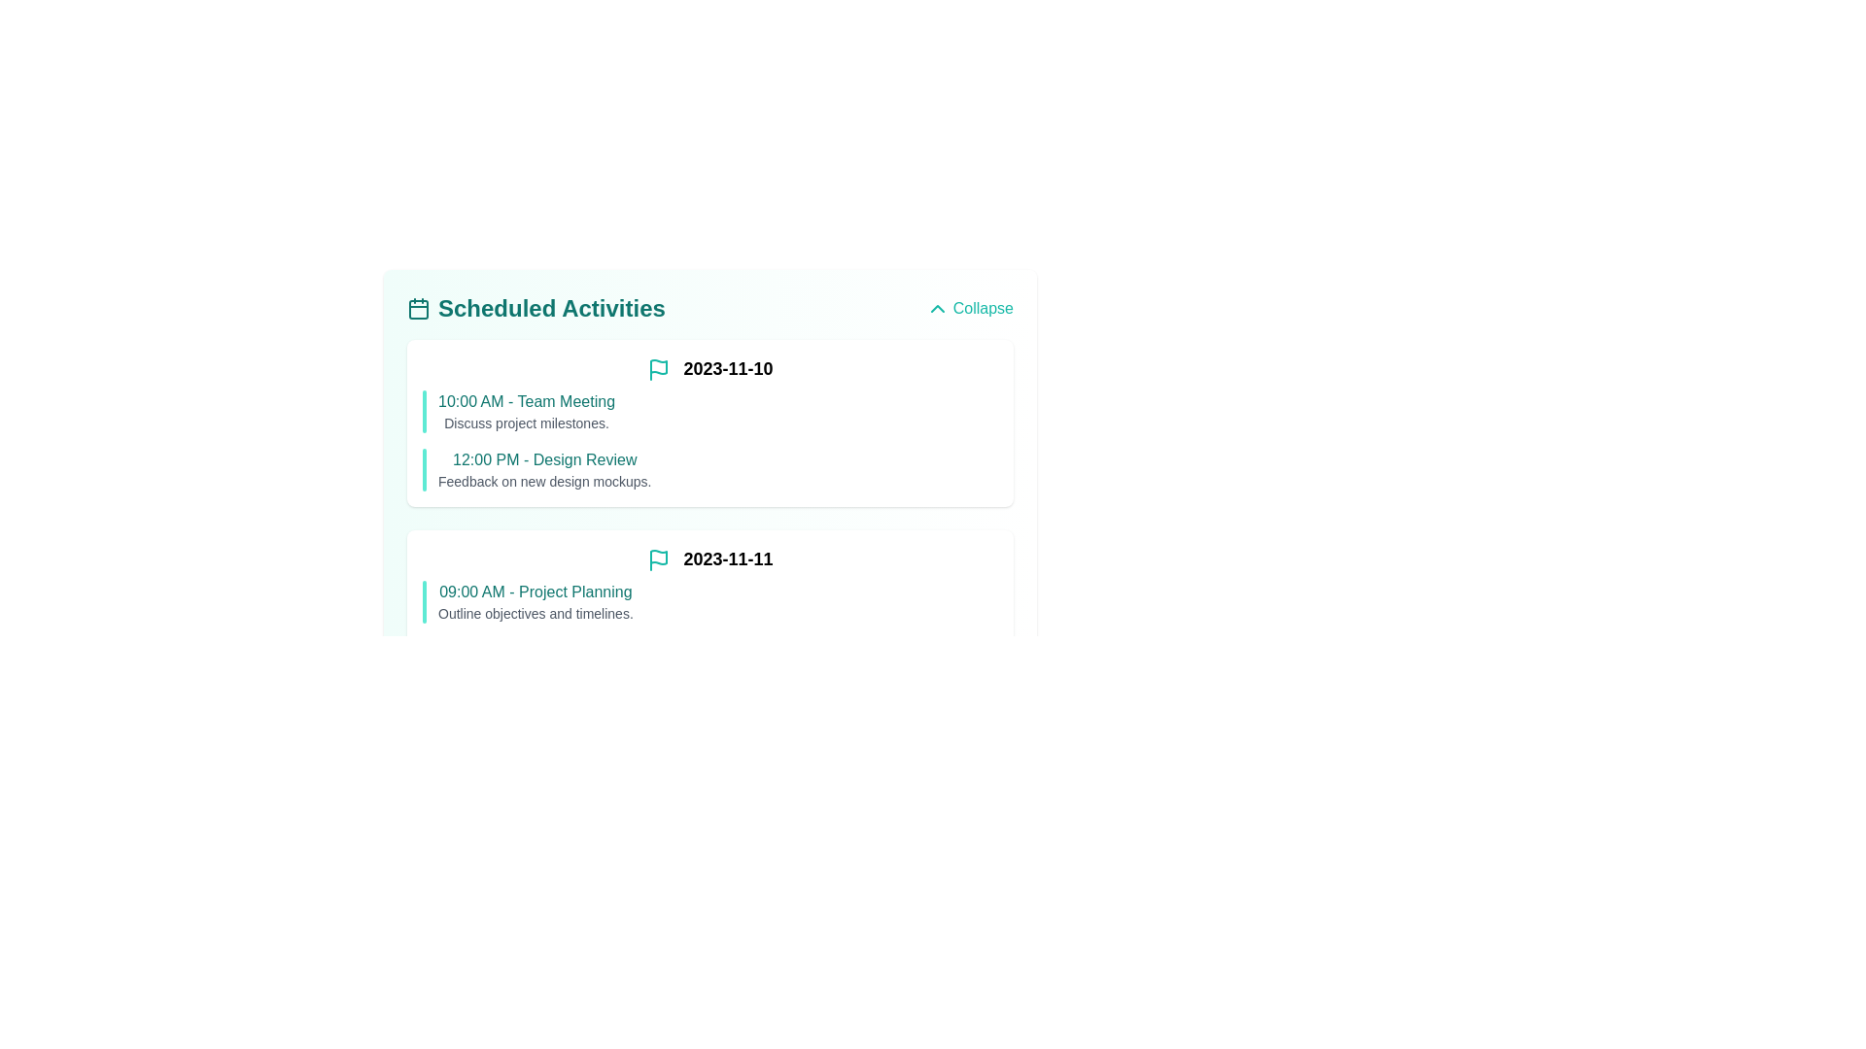  What do you see at coordinates (544, 469) in the screenshot?
I see `the second scheduled event item located in the chronological event list for the date '2023-11-10', positioned between '10:00 AM - Team Meeting' and '09:00 AM - Project Planning'` at bounding box center [544, 469].